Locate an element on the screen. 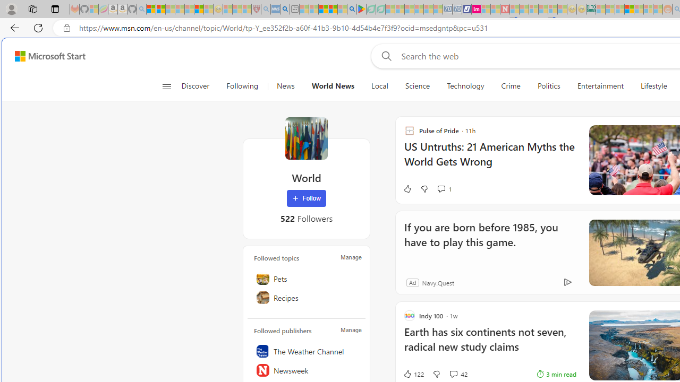  'Pets' is located at coordinates (306, 278).